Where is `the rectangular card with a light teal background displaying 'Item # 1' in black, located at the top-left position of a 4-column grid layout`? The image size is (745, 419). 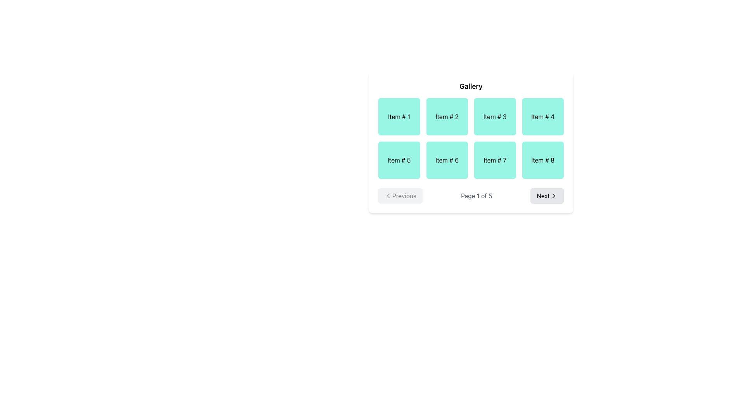 the rectangular card with a light teal background displaying 'Item # 1' in black, located at the top-left position of a 4-column grid layout is located at coordinates (399, 116).